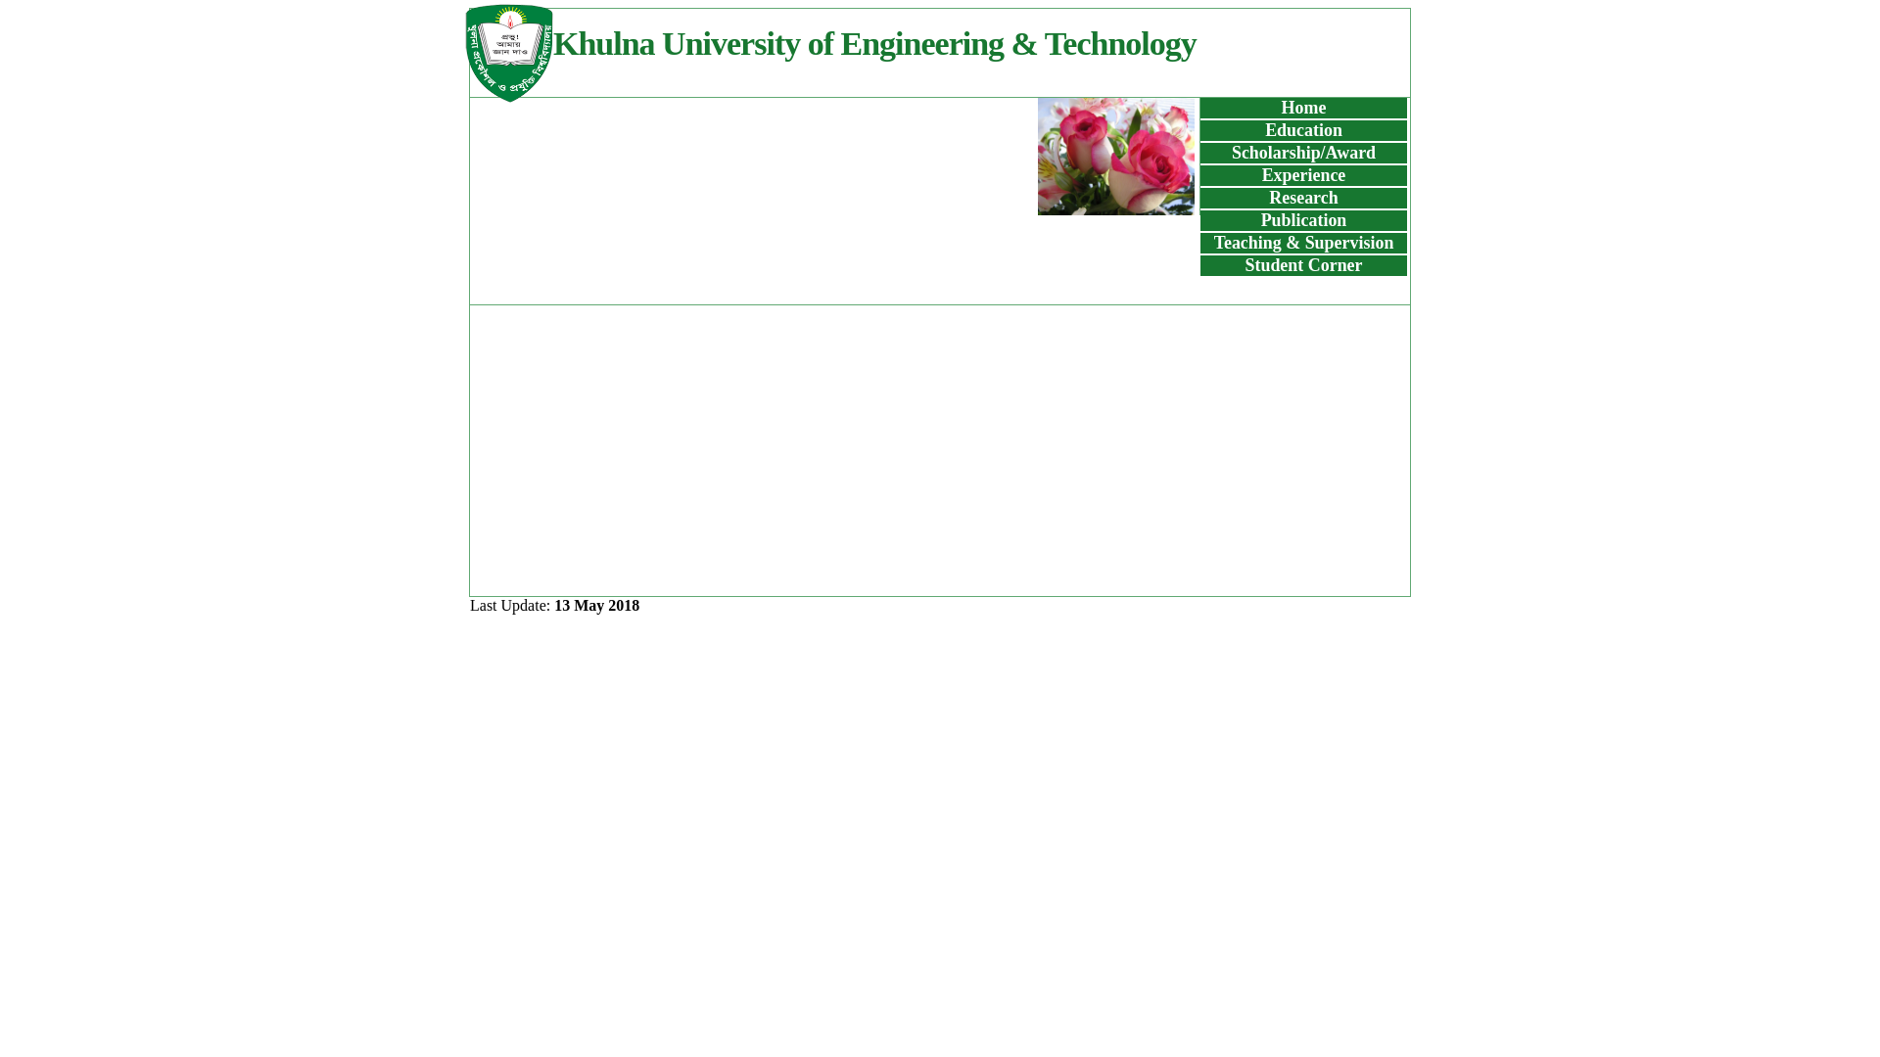  What do you see at coordinates (1262, 173) in the screenshot?
I see `'Experience'` at bounding box center [1262, 173].